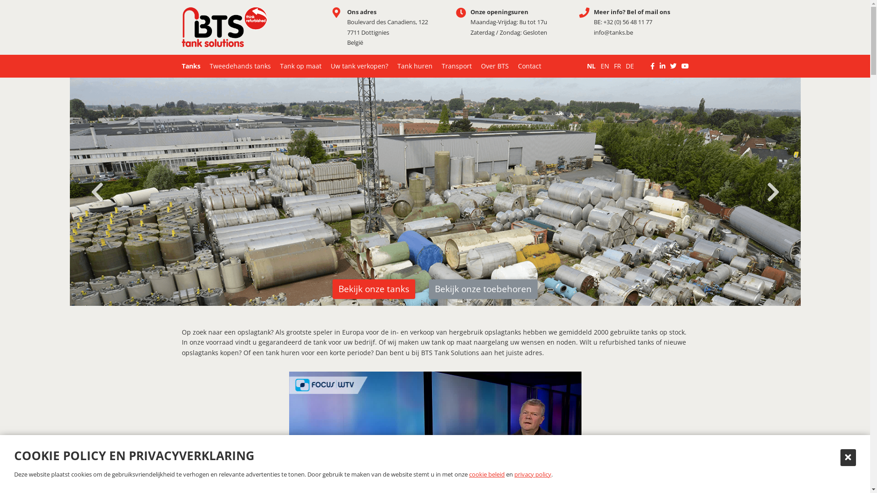 This screenshot has height=493, width=877. Describe the element at coordinates (627, 21) in the screenshot. I see `'+32 (0) 56 48 11 77'` at that location.